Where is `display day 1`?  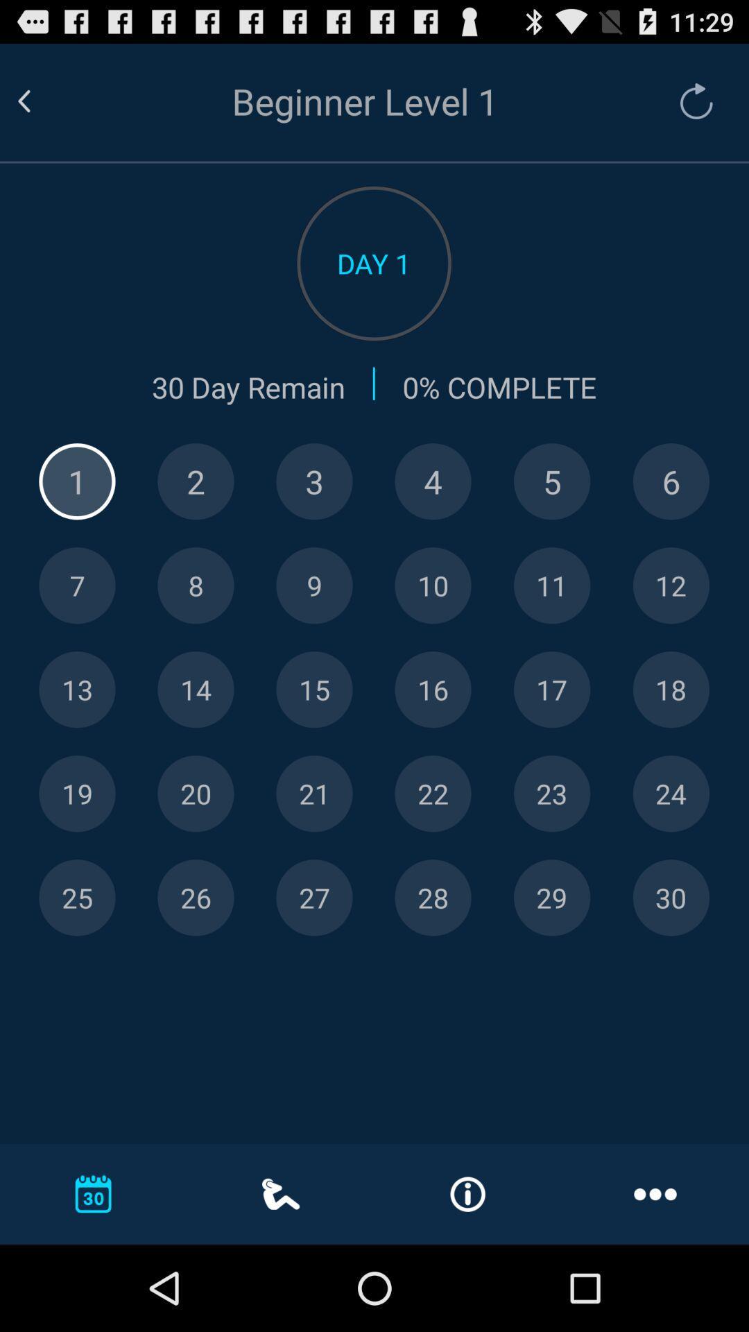
display day 1 is located at coordinates (77, 481).